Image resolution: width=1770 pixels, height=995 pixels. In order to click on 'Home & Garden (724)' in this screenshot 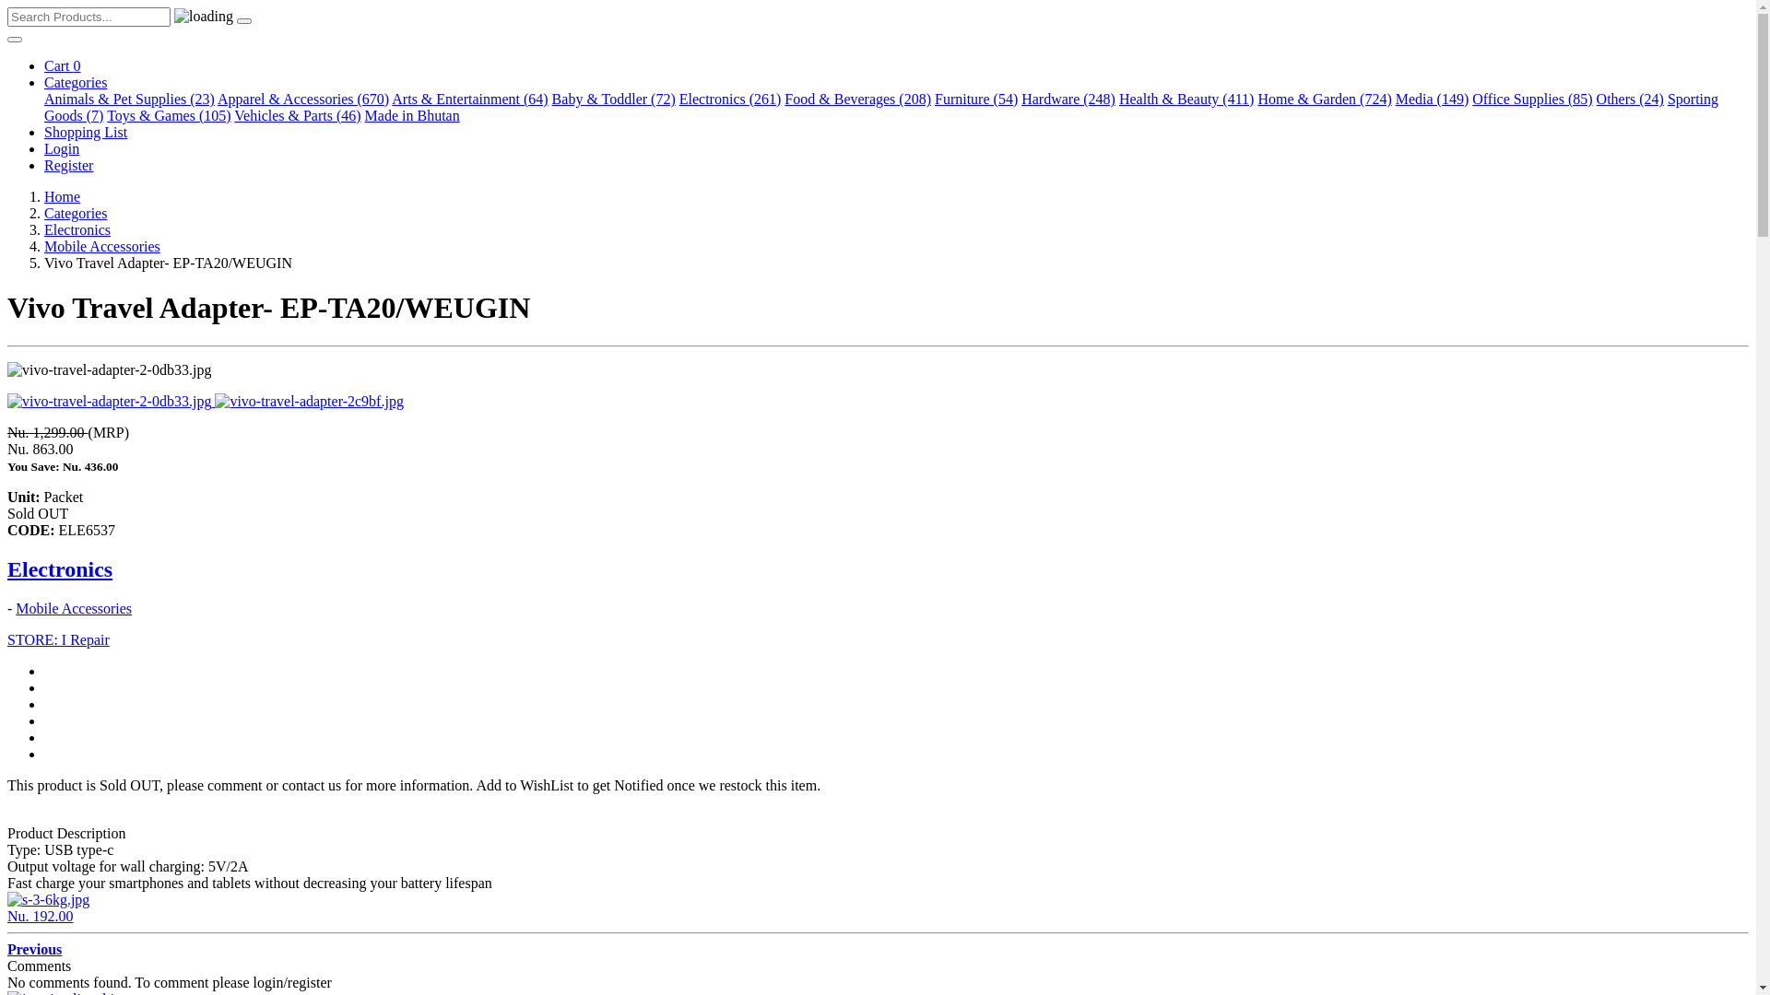, I will do `click(1323, 99)`.